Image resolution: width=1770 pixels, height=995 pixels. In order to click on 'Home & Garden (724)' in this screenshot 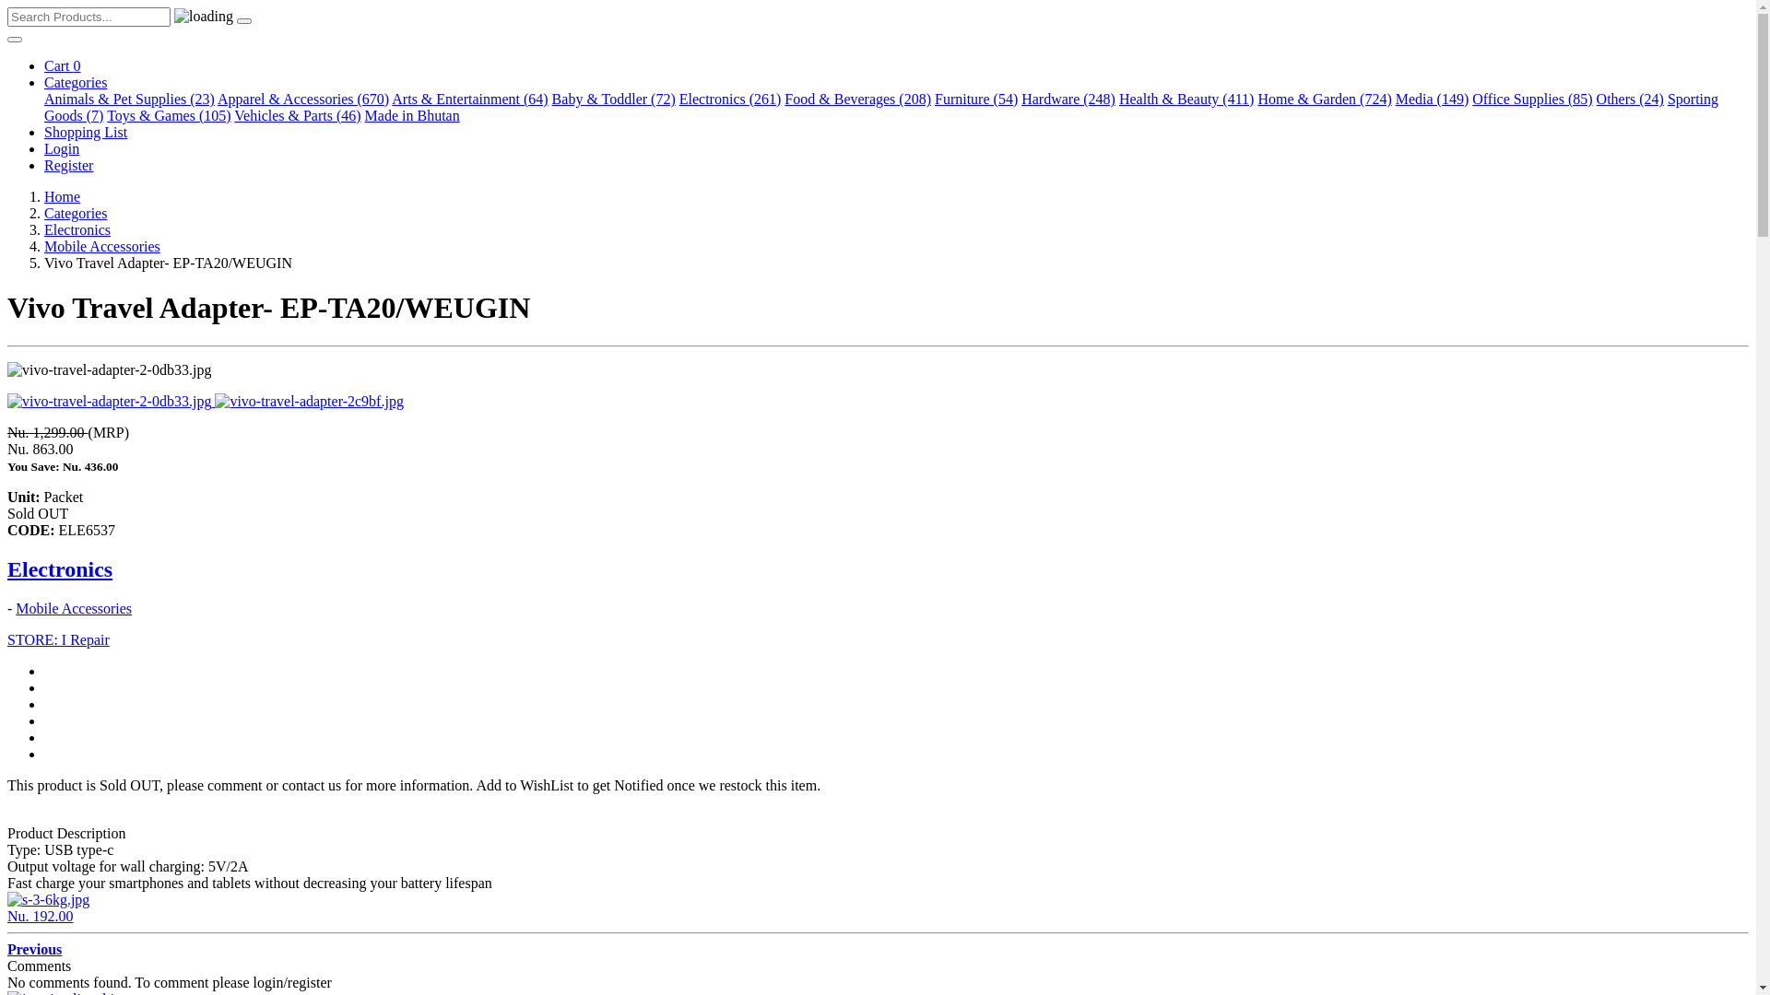, I will do `click(1323, 99)`.